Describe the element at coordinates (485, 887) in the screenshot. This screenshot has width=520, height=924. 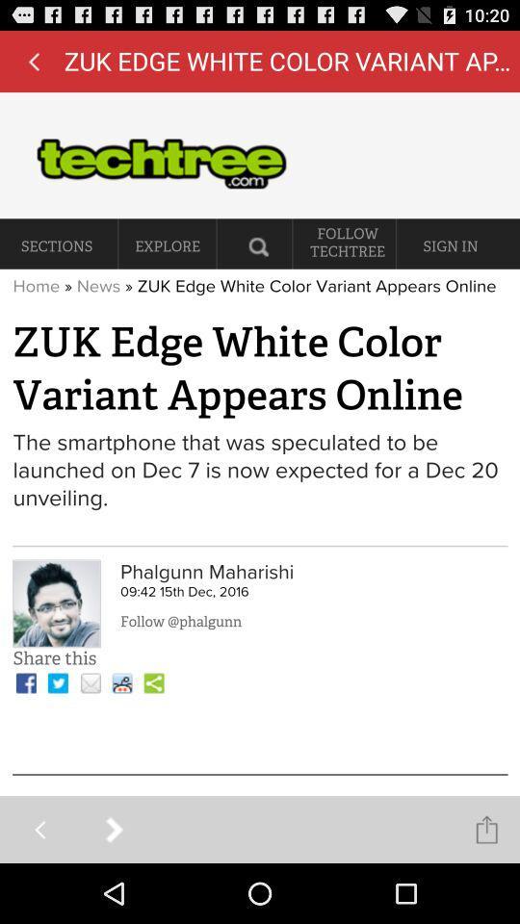
I see `the share icon` at that location.